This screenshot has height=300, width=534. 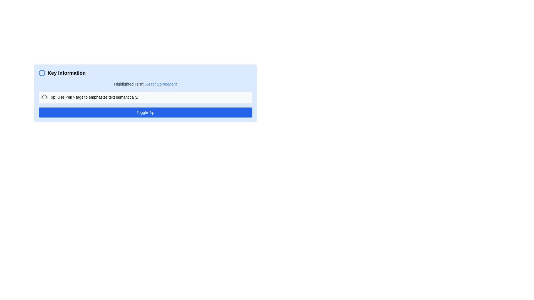 What do you see at coordinates (44, 97) in the screenshot?
I see `the coding tips icon located on the left side of the horizontal group, preceding the text message starting with 'Tip: Use <em>'` at bounding box center [44, 97].